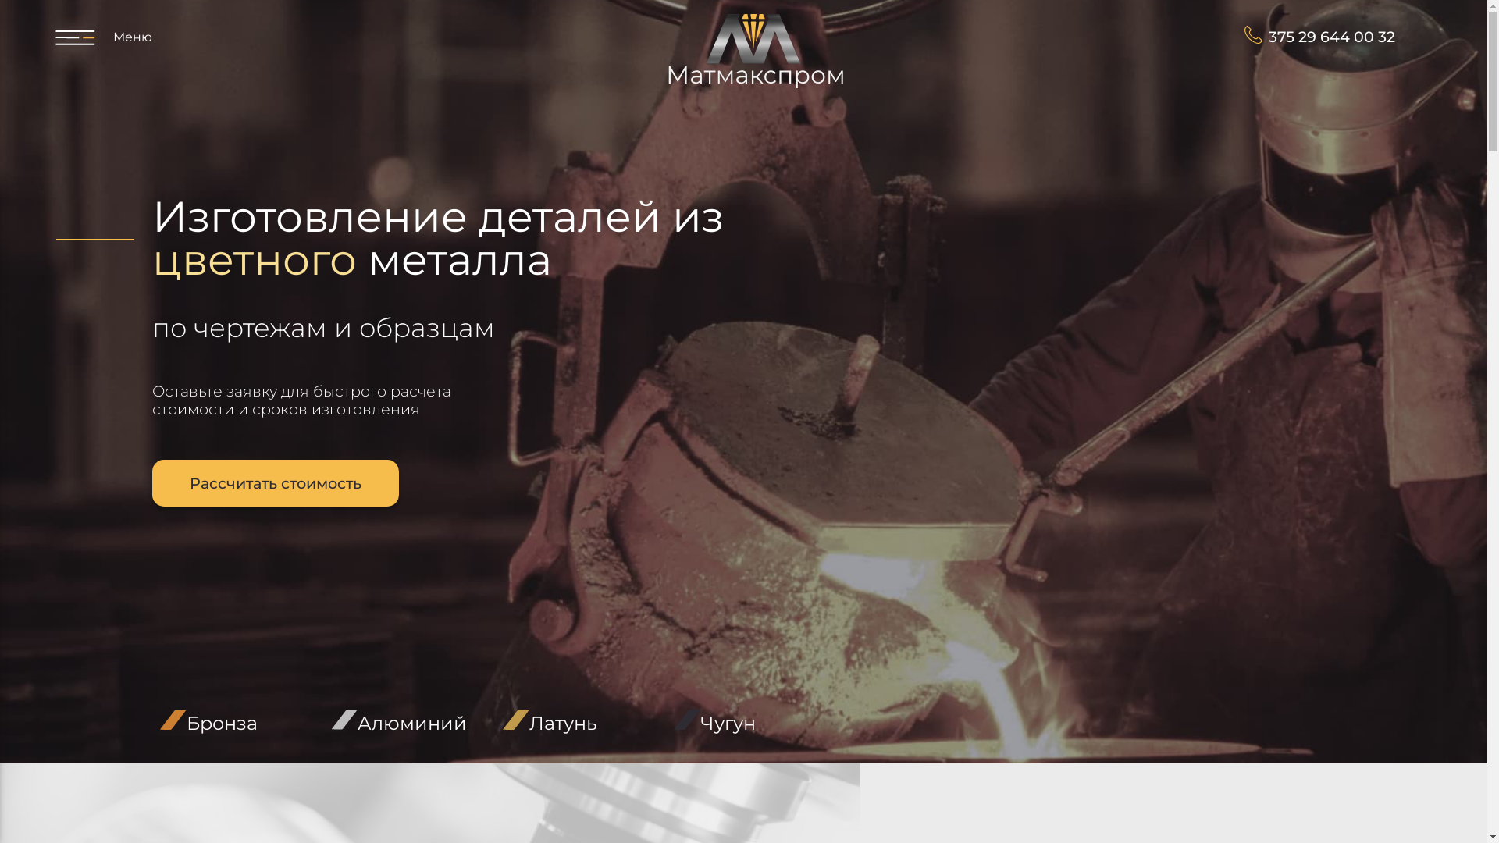  Describe the element at coordinates (1318, 37) in the screenshot. I see `'375 29 644 00 32'` at that location.